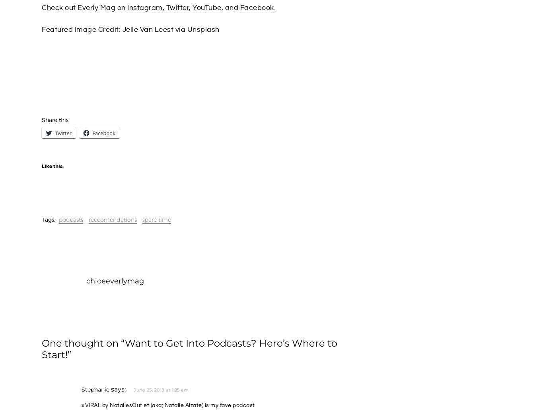 The image size is (537, 413). What do you see at coordinates (86, 280) in the screenshot?
I see `'chloeeverlymag'` at bounding box center [86, 280].